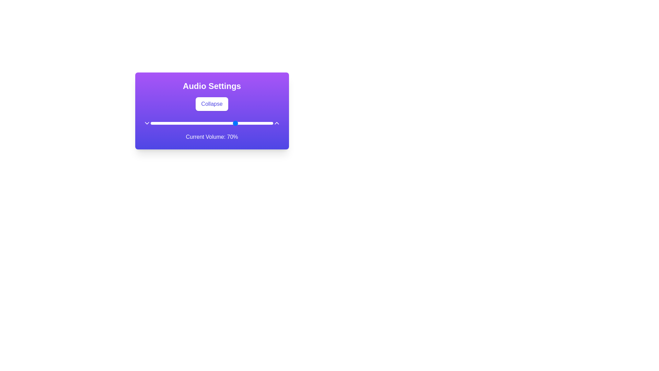  I want to click on the 'Collapse' button to toggle the panel's expanded state, so click(211, 104).